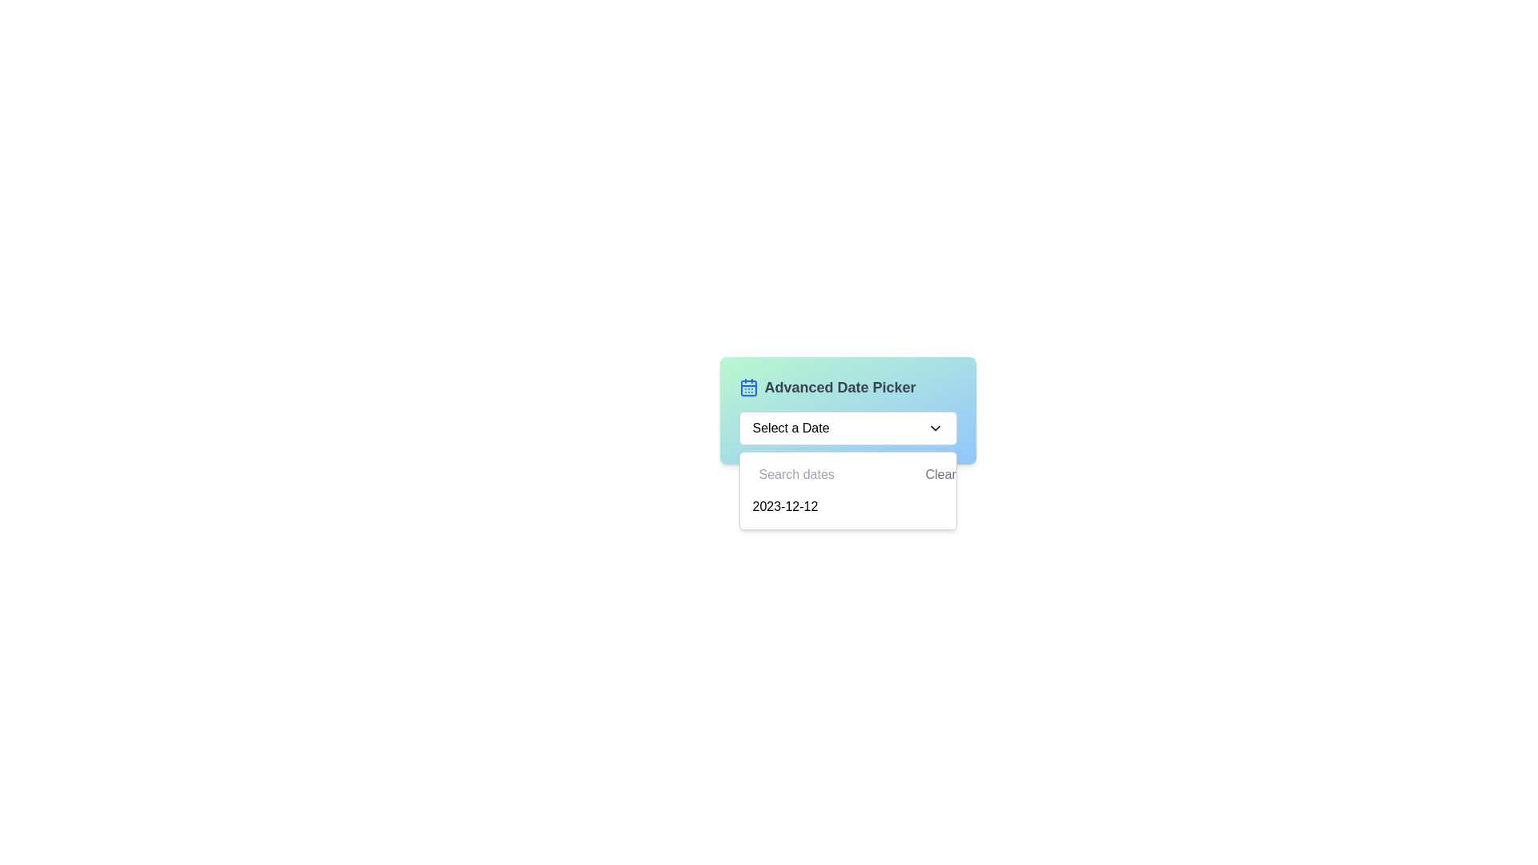 Image resolution: width=1538 pixels, height=865 pixels. I want to click on the bold, large-sized text label reading 'Advanced Date Picker', which is styled in gray and positioned next to a calendar icon in the date picker interface, so click(839, 387).